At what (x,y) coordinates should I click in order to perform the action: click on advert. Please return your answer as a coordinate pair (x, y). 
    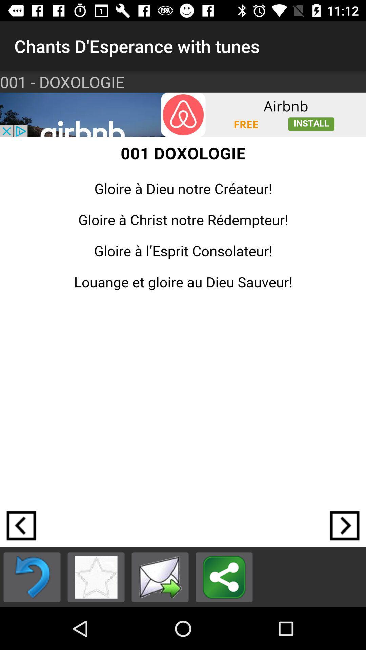
    Looking at the image, I should click on (183, 115).